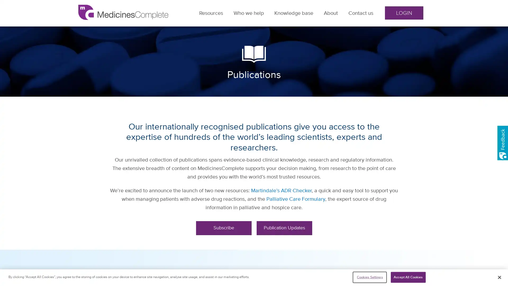  Describe the element at coordinates (369, 277) in the screenshot. I see `Cookies Settings` at that location.